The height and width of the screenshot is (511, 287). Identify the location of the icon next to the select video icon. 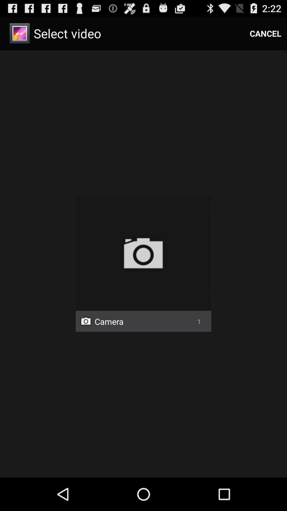
(265, 33).